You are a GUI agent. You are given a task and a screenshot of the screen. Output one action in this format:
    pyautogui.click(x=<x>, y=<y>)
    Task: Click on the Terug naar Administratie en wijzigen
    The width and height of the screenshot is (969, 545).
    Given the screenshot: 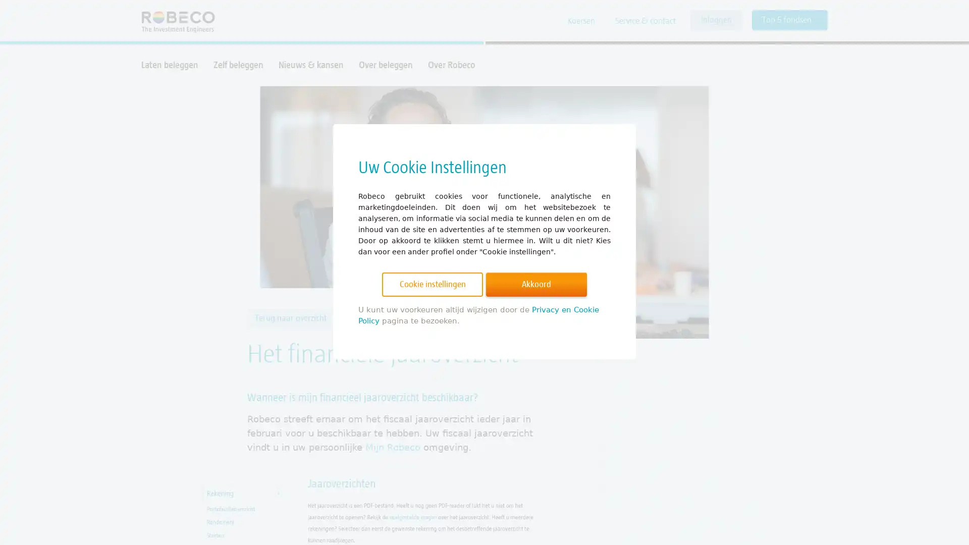 What is the action you would take?
    pyautogui.click(x=408, y=318)
    